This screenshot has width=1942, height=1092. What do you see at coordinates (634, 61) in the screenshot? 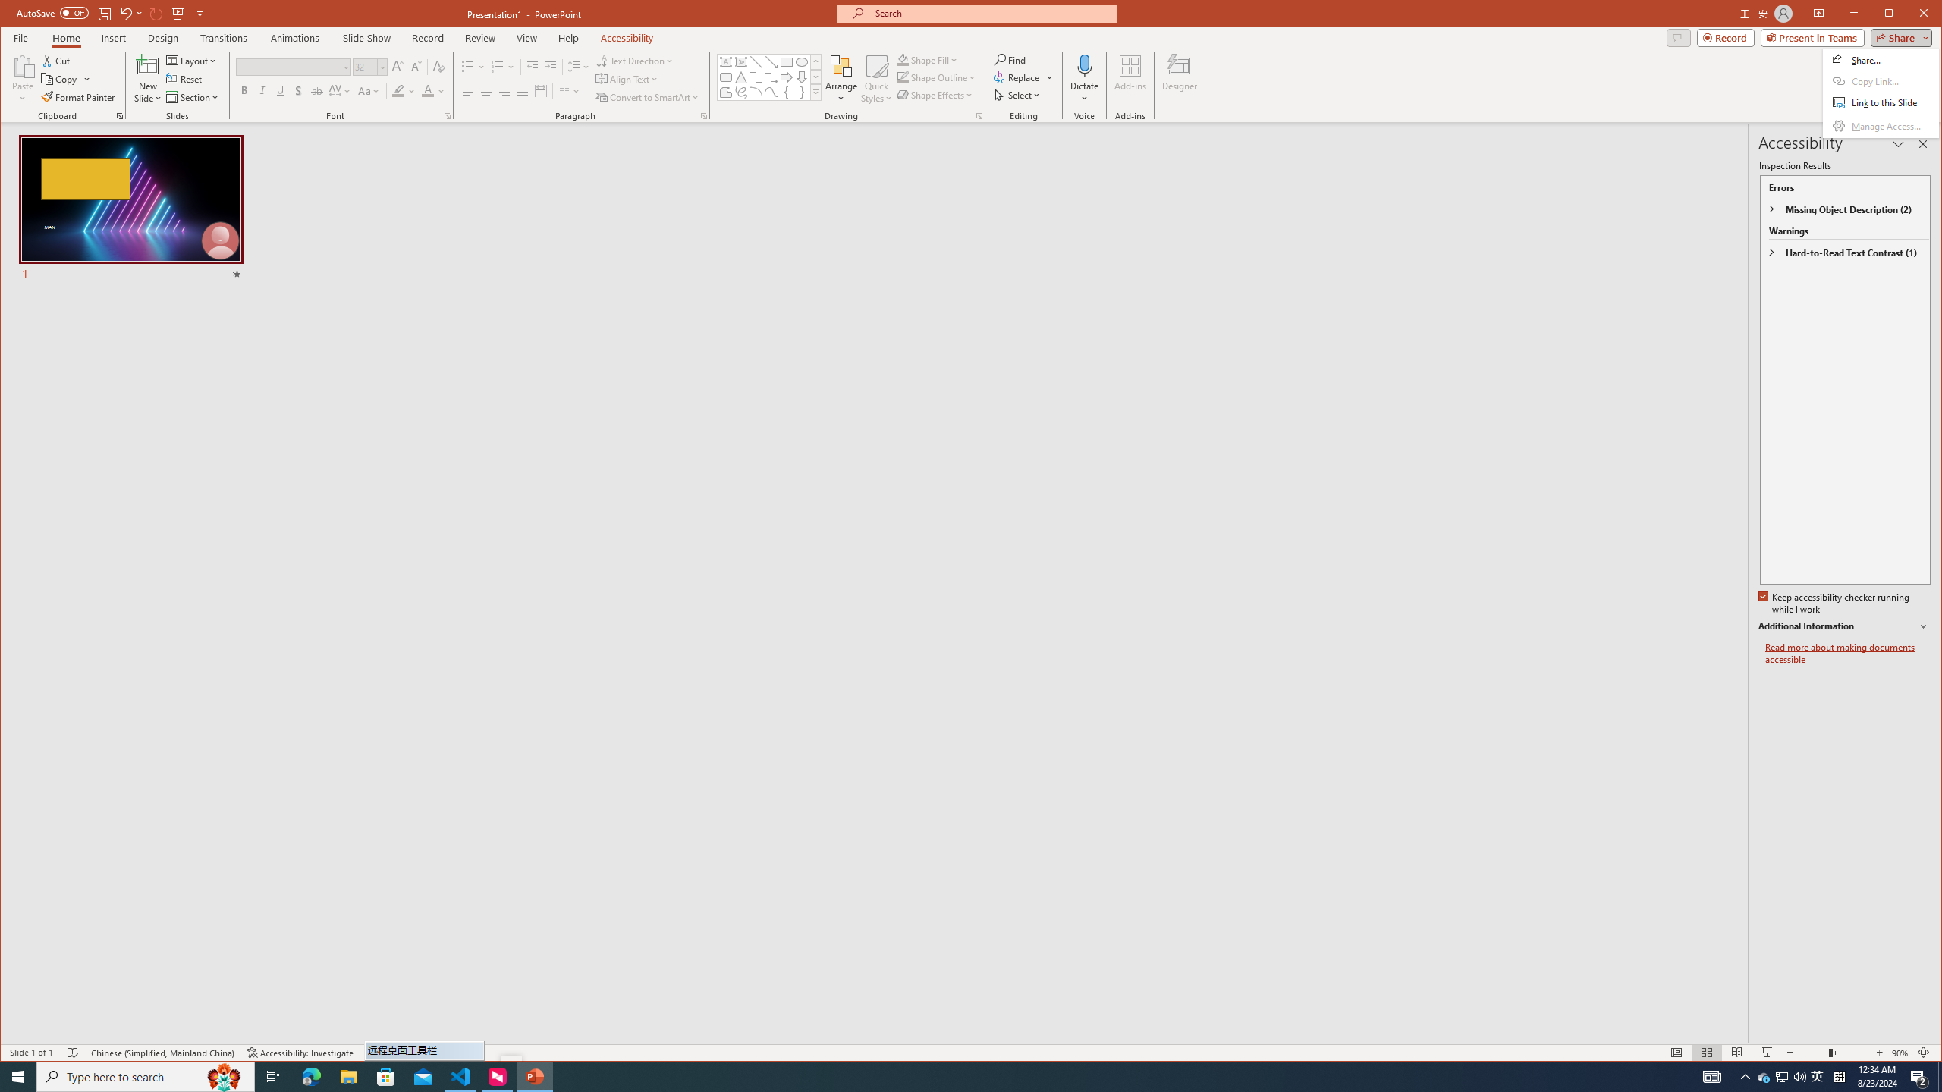
I see `'Text Direction'` at bounding box center [634, 61].